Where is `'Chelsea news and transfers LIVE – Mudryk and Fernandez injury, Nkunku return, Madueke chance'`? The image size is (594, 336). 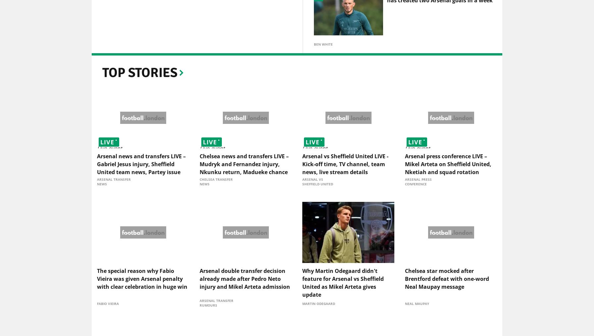
'Chelsea news and transfers LIVE – Mudryk and Fernandez injury, Nkunku return, Madueke chance' is located at coordinates (244, 165).